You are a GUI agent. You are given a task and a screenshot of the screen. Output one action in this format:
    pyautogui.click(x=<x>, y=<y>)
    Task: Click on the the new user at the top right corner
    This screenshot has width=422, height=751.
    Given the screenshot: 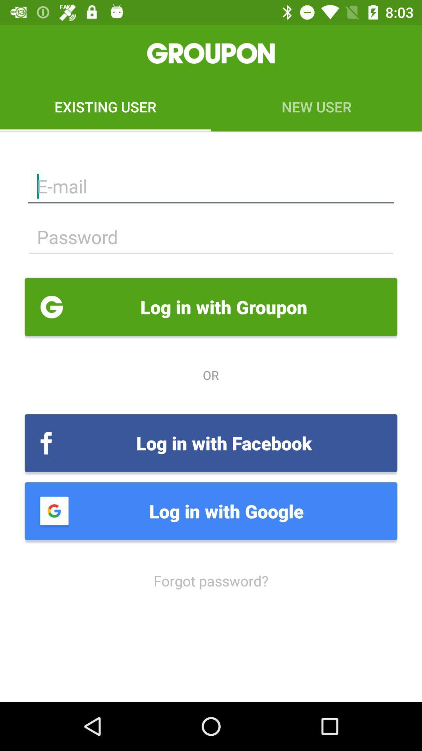 What is the action you would take?
    pyautogui.click(x=316, y=106)
    